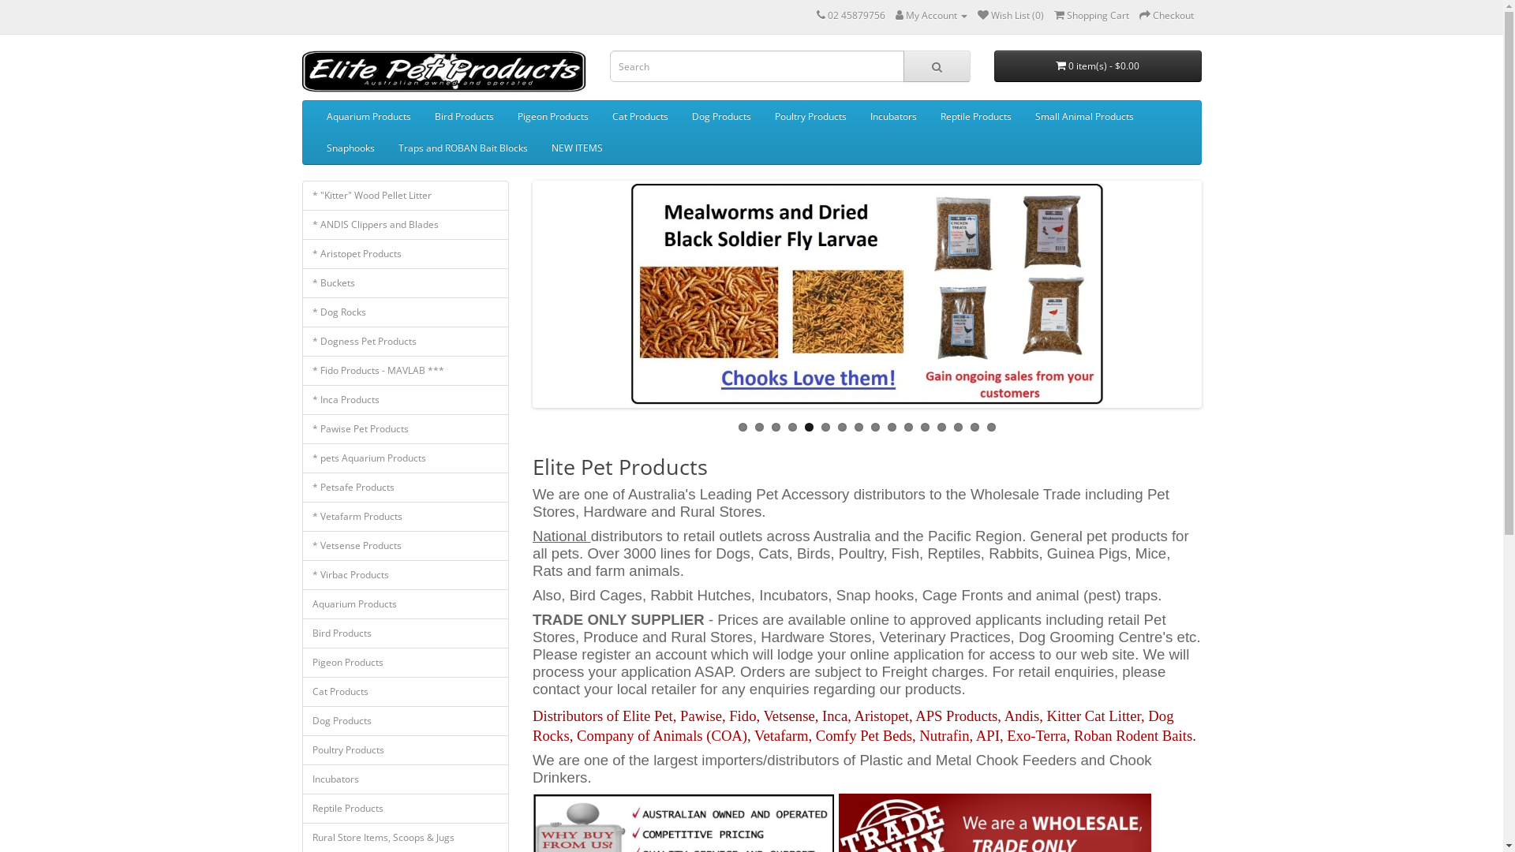  What do you see at coordinates (405, 662) in the screenshot?
I see `'Pigeon Products'` at bounding box center [405, 662].